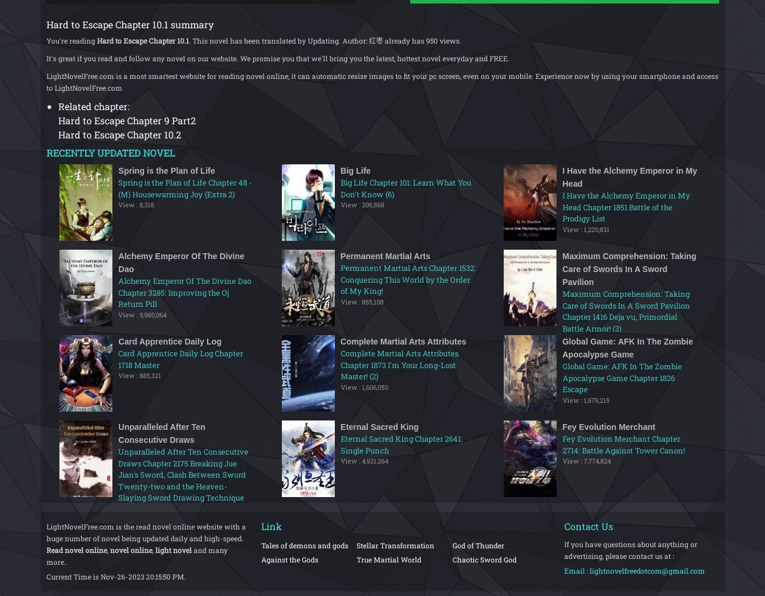  I want to click on 'Global Game: AFK In The Zombie Apocalypse Game Chapter 1826 Escape', so click(621, 378).